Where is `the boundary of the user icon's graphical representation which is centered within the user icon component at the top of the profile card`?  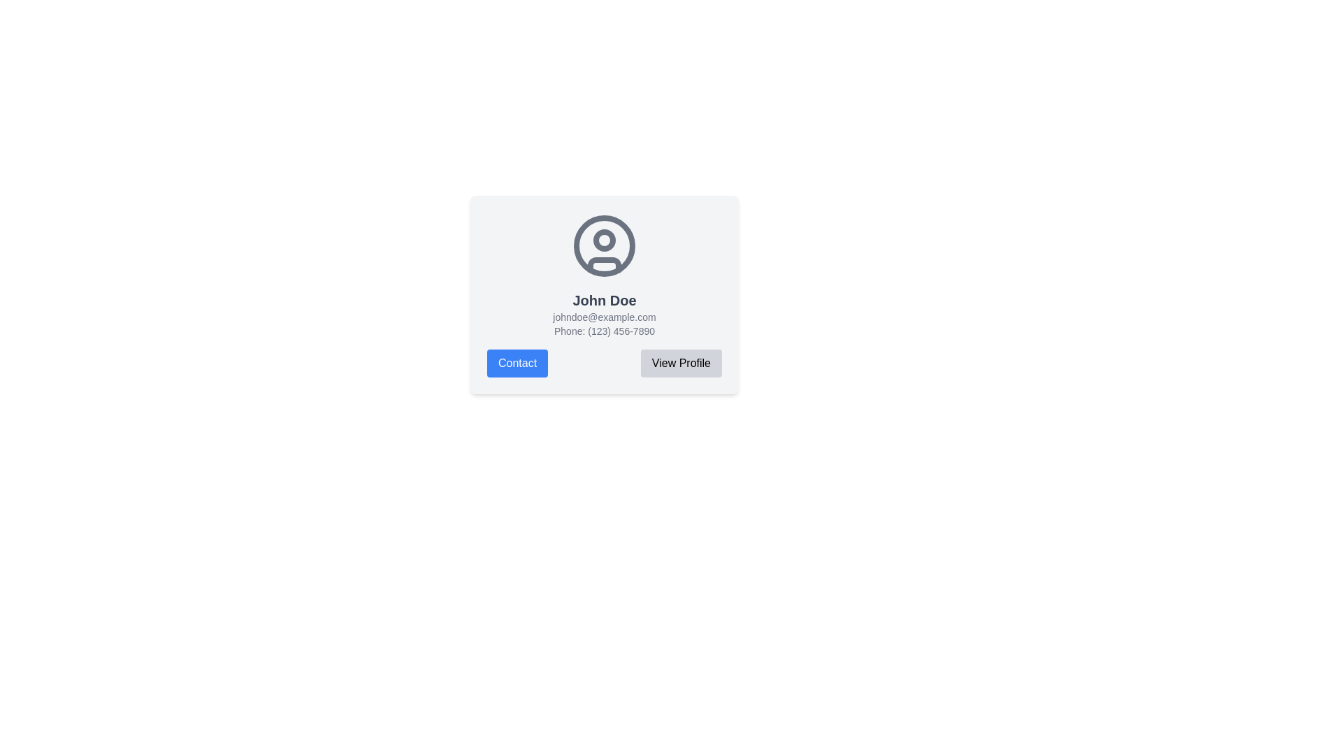 the boundary of the user icon's graphical representation which is centered within the user icon component at the top of the profile card is located at coordinates (604, 245).